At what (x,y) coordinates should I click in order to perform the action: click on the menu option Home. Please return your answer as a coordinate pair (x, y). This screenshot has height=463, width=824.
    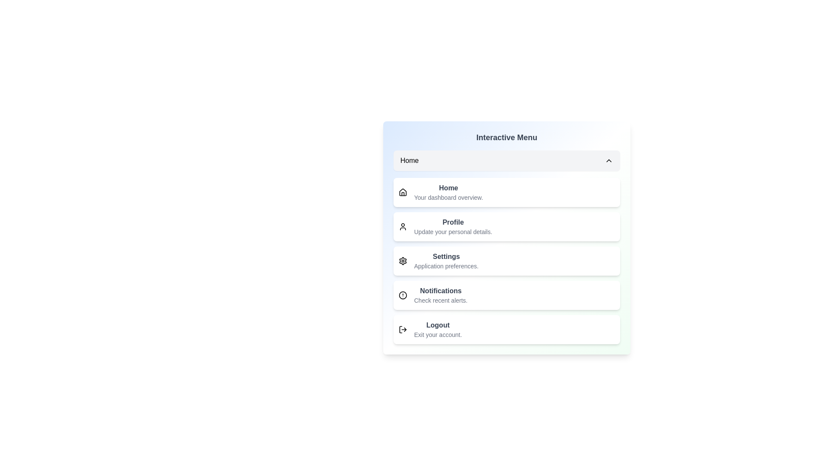
    Looking at the image, I should click on (506, 160).